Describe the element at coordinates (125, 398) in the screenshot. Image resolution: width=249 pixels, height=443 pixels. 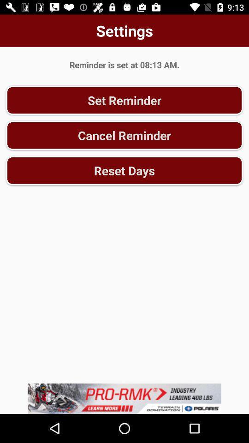
I see `website` at that location.